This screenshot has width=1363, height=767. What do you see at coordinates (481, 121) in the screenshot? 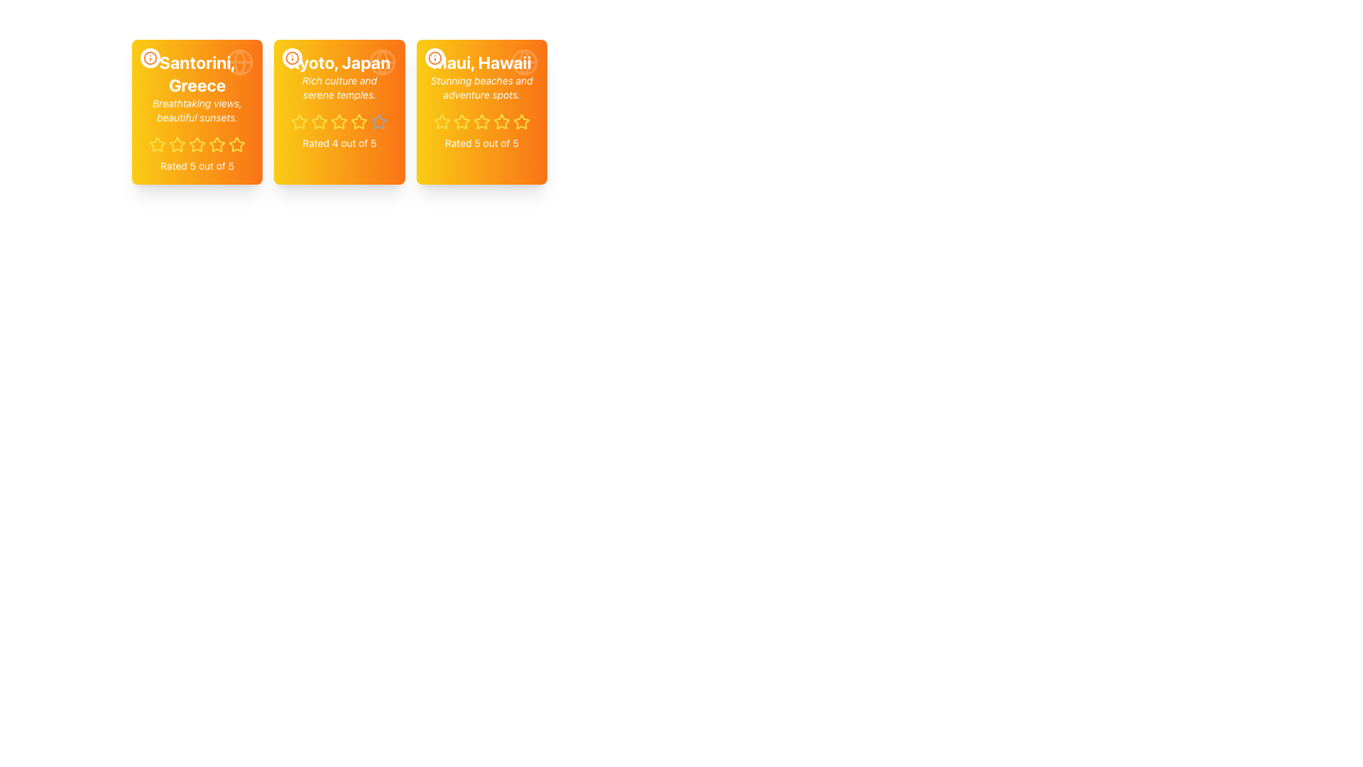
I see `the second star` at bounding box center [481, 121].